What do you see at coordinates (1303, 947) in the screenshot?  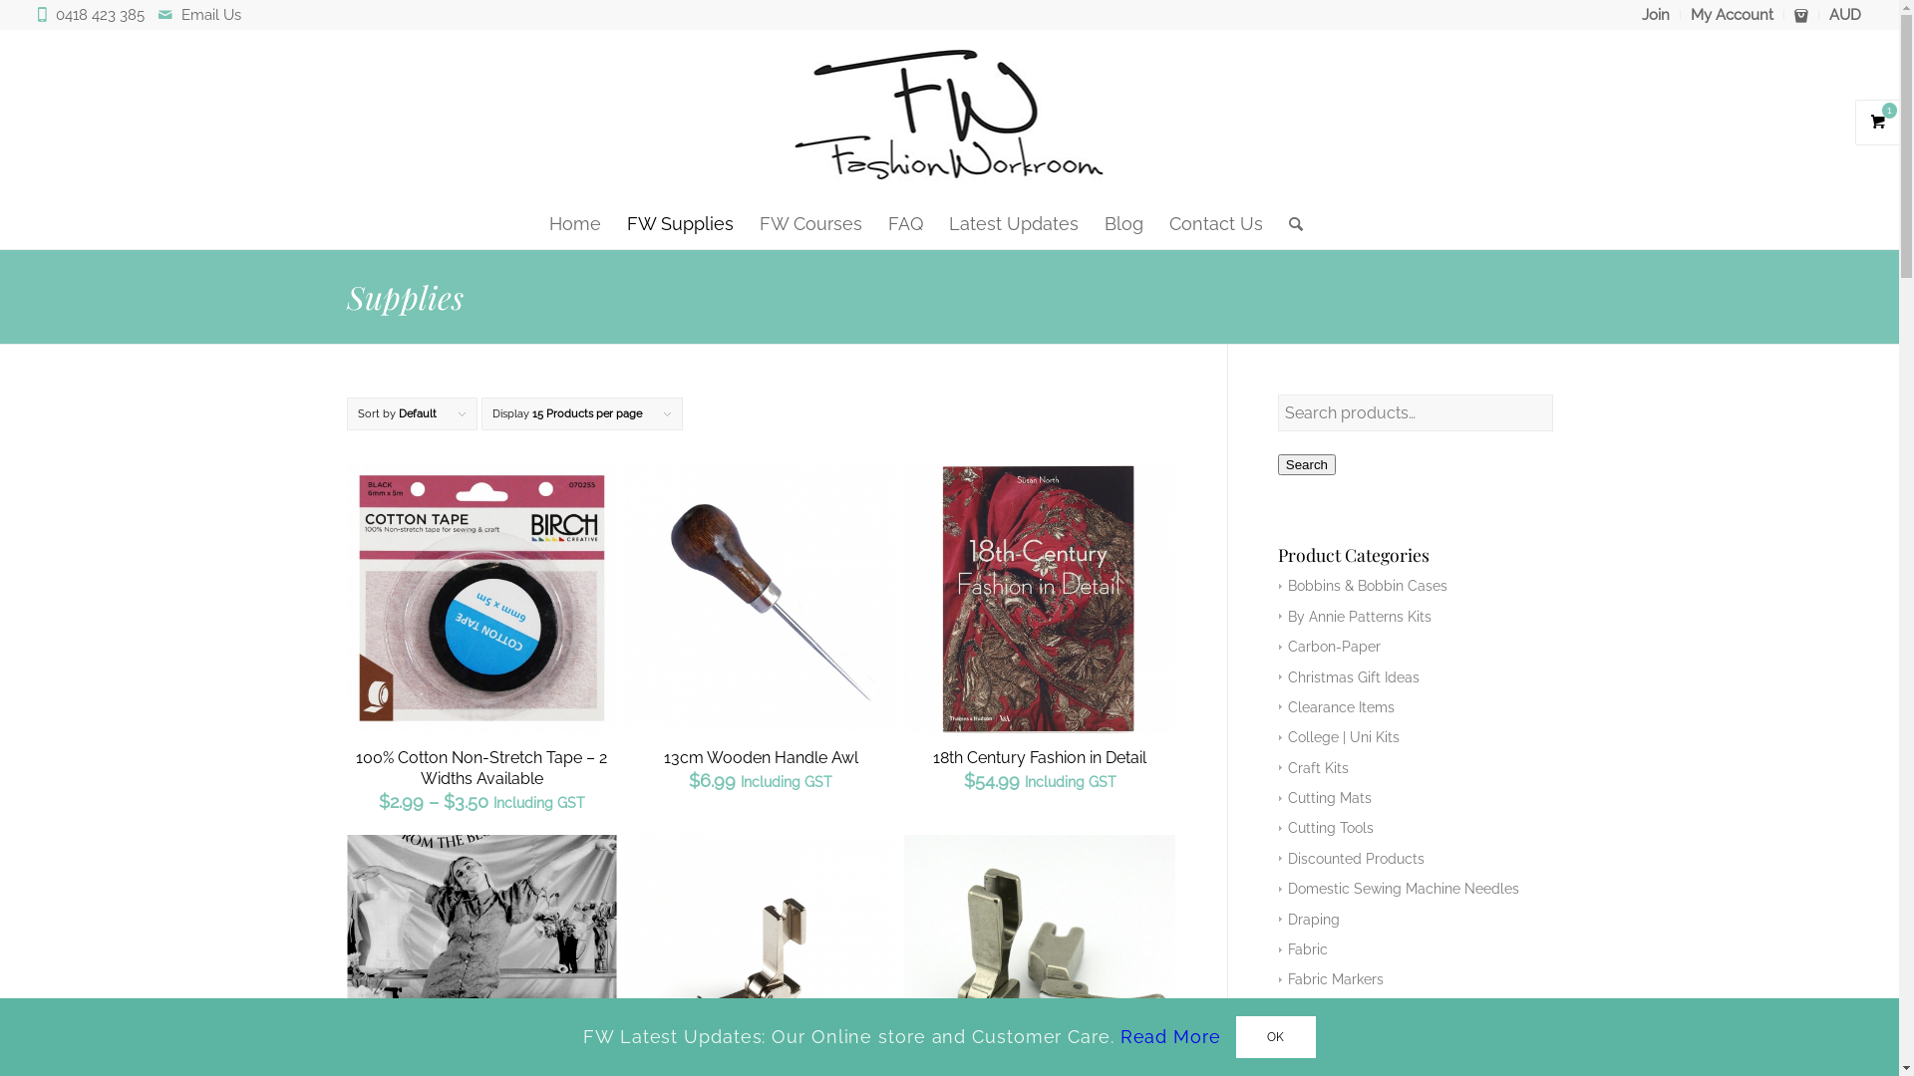 I see `'Fabric'` at bounding box center [1303, 947].